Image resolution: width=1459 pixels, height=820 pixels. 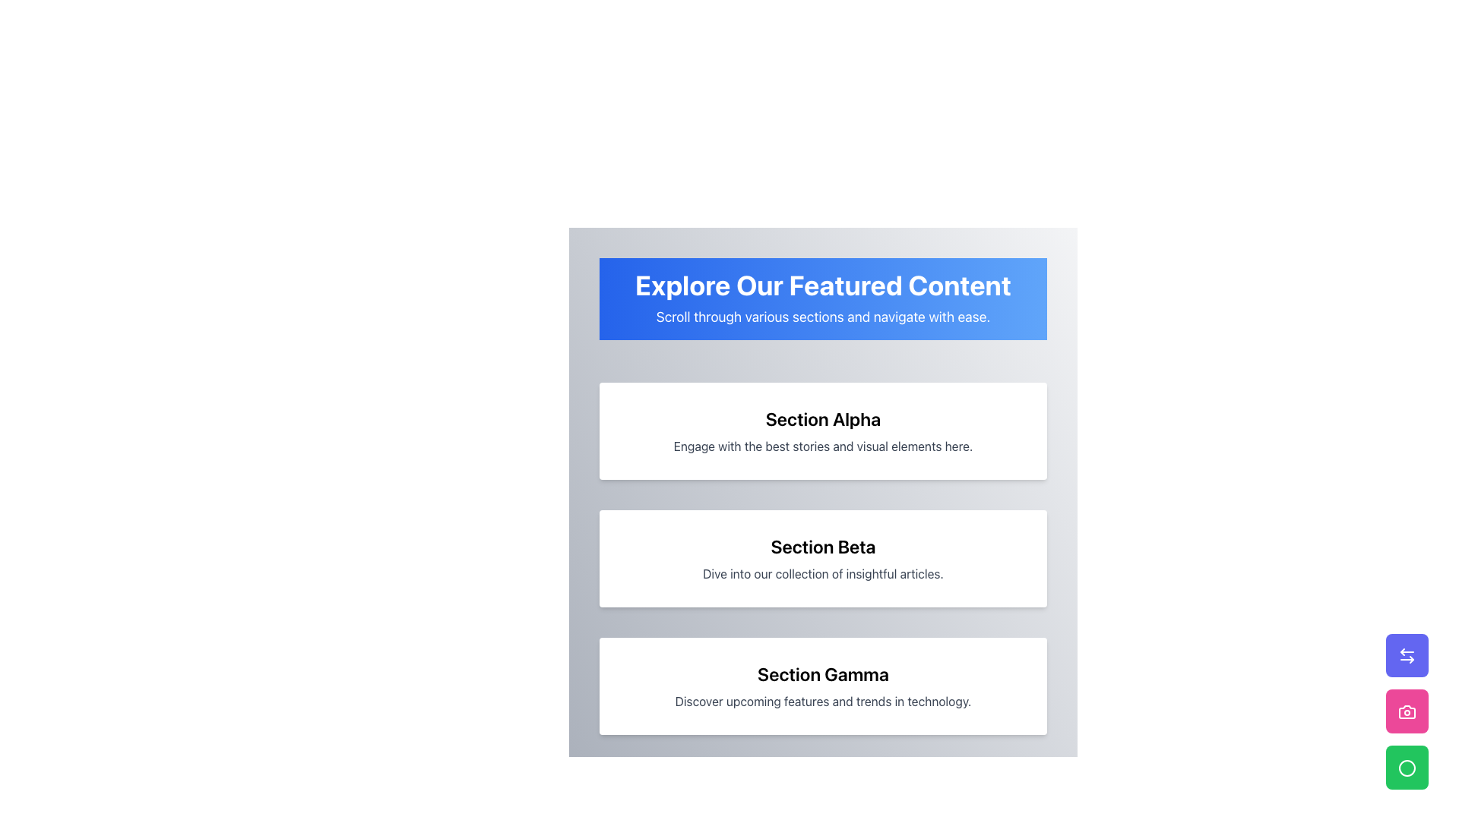 I want to click on the camera action button located in the bottom-right corner of the interface, positioned between a blue button with a bidirectional arrow icon above it and a green button with a circle icon below it, so click(x=1407, y=711).